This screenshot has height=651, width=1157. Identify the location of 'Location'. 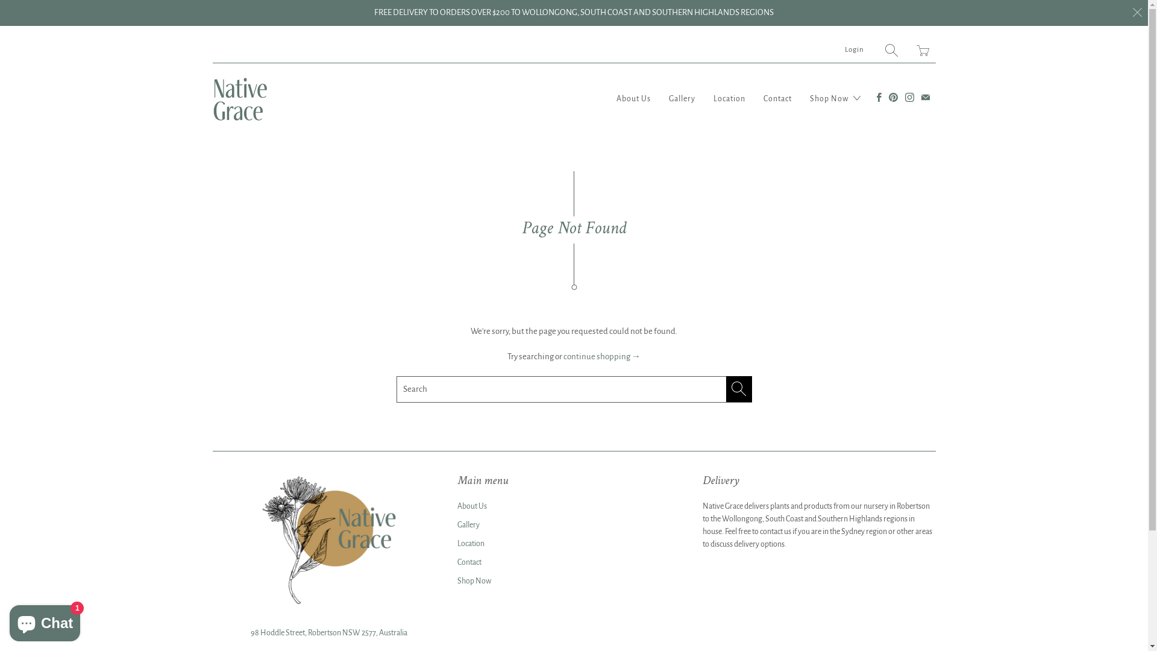
(470, 543).